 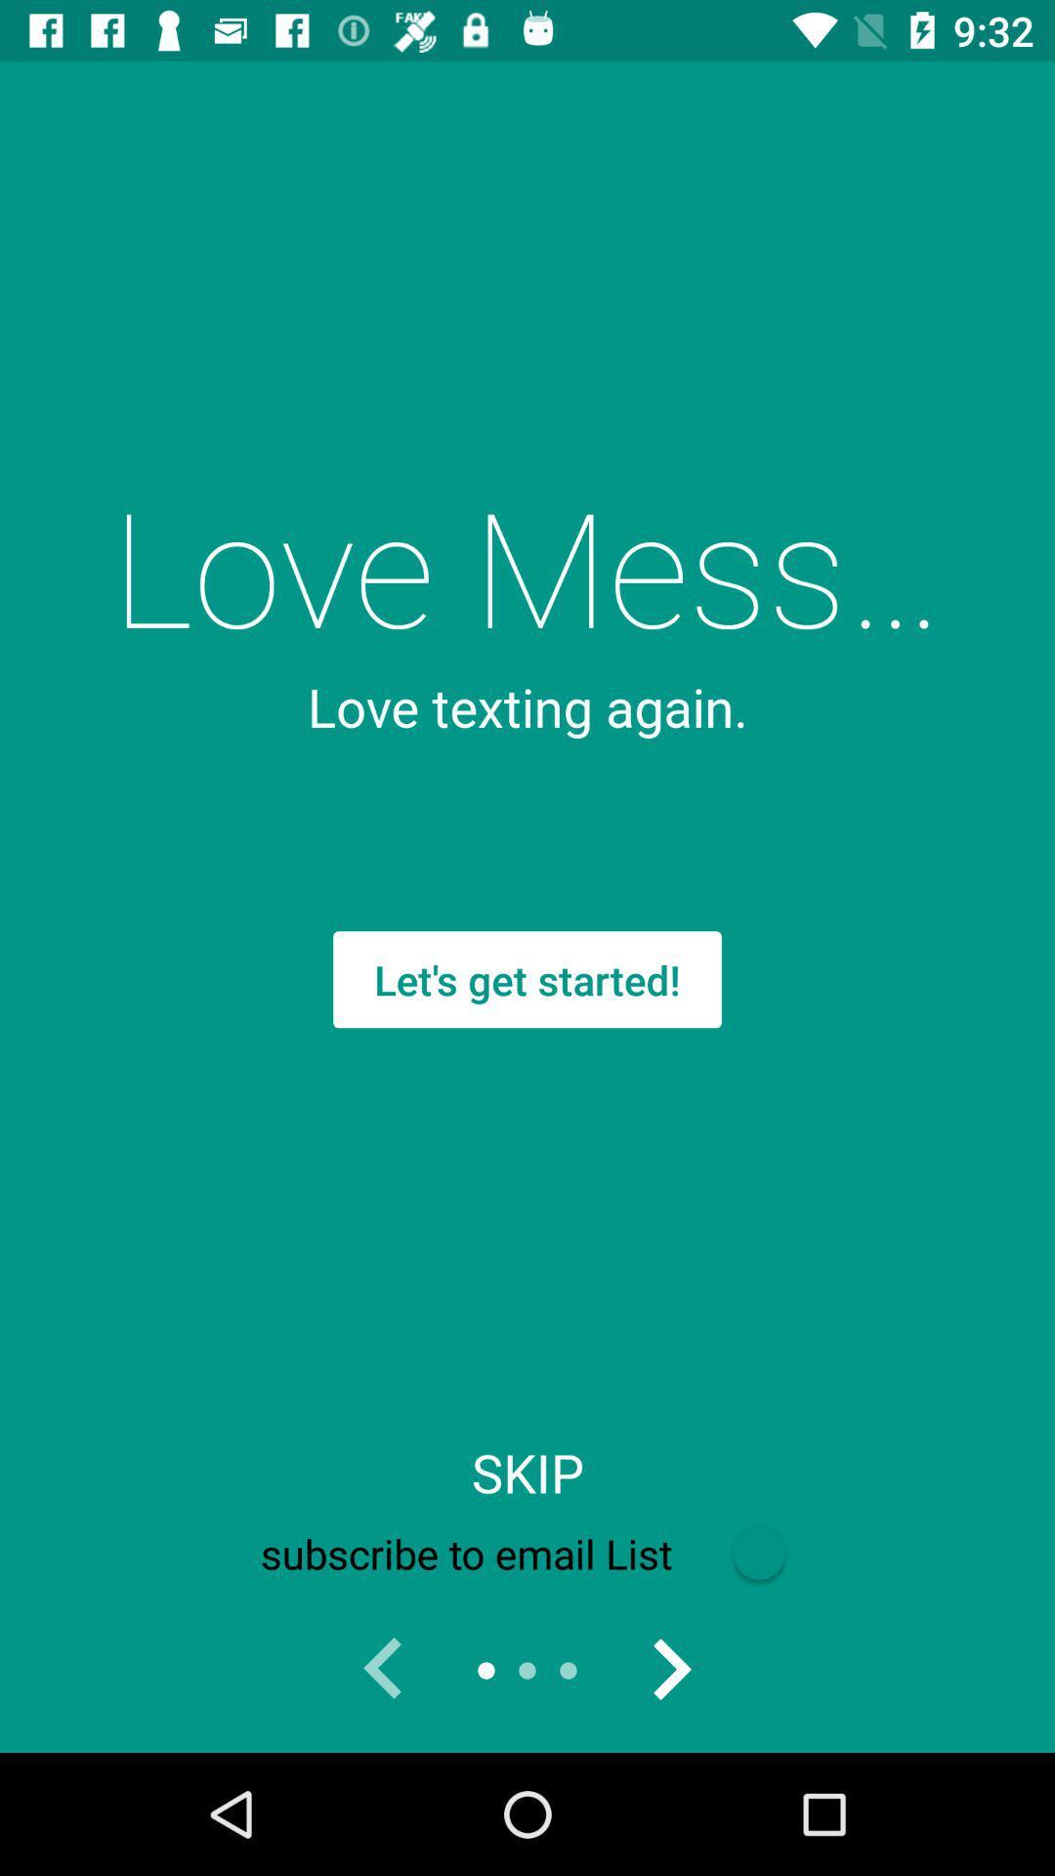 I want to click on the item above subscribe to email, so click(x=527, y=1472).